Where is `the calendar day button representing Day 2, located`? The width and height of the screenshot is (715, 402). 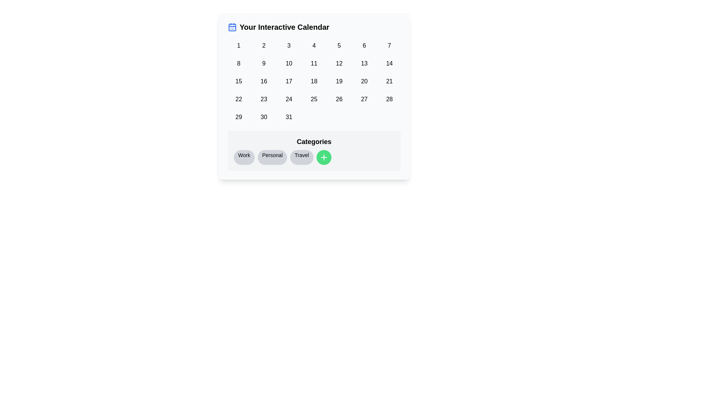
the calendar day button representing Day 2, located is located at coordinates (264, 46).